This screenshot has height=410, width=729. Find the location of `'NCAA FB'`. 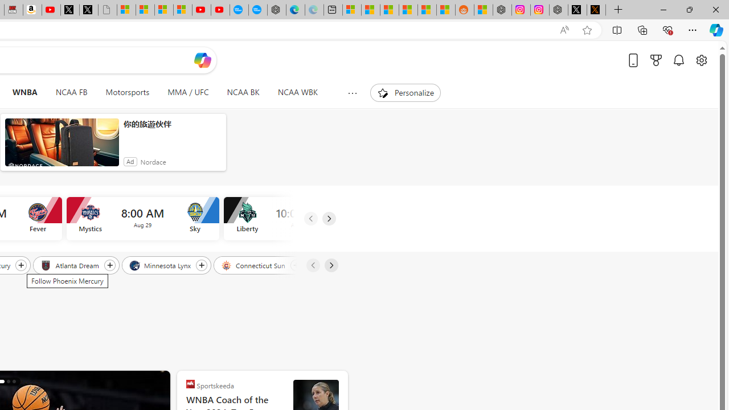

'NCAA FB' is located at coordinates (71, 92).